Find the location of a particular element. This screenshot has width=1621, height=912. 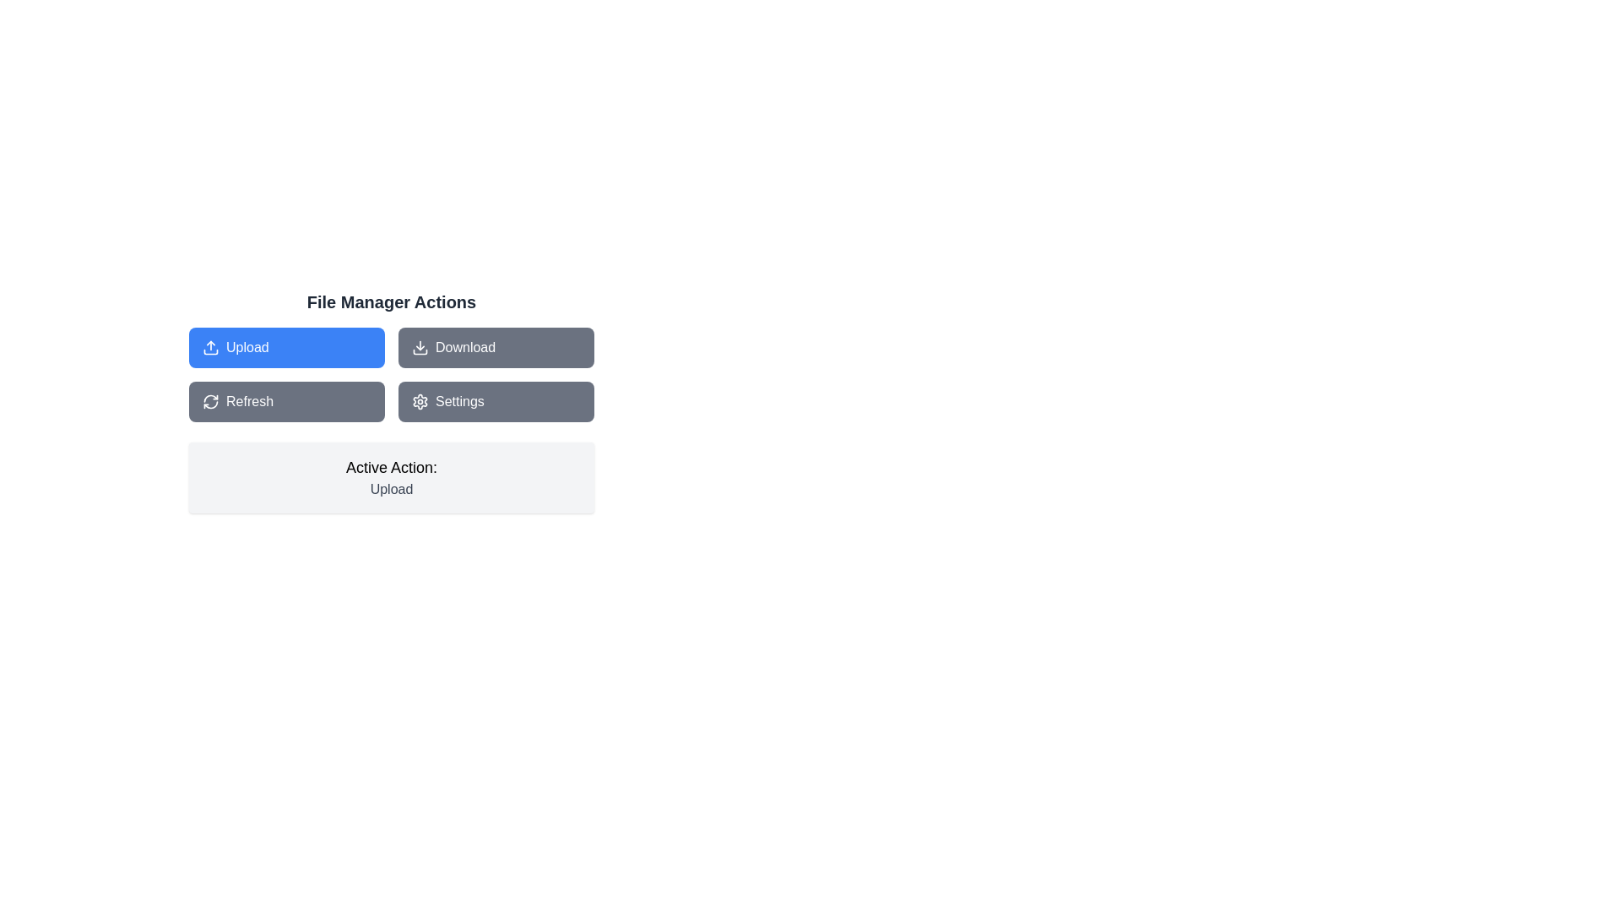

the base part of the download icon located in the top-right button labeled 'Download' is located at coordinates (420, 350).